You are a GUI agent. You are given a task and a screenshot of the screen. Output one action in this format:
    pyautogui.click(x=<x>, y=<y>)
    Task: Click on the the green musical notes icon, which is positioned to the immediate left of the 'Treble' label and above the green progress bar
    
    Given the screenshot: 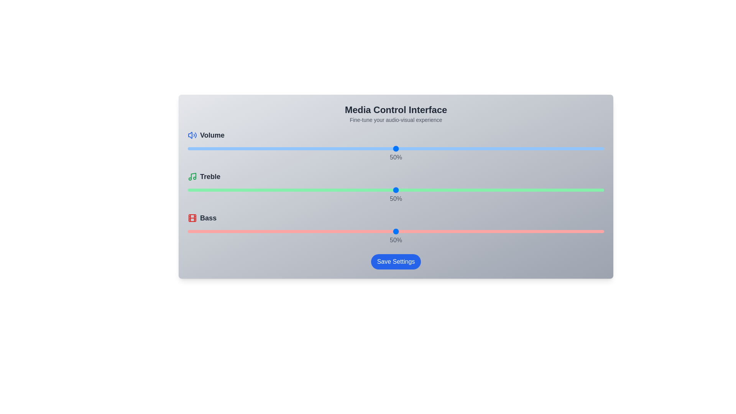 What is the action you would take?
    pyautogui.click(x=192, y=177)
    